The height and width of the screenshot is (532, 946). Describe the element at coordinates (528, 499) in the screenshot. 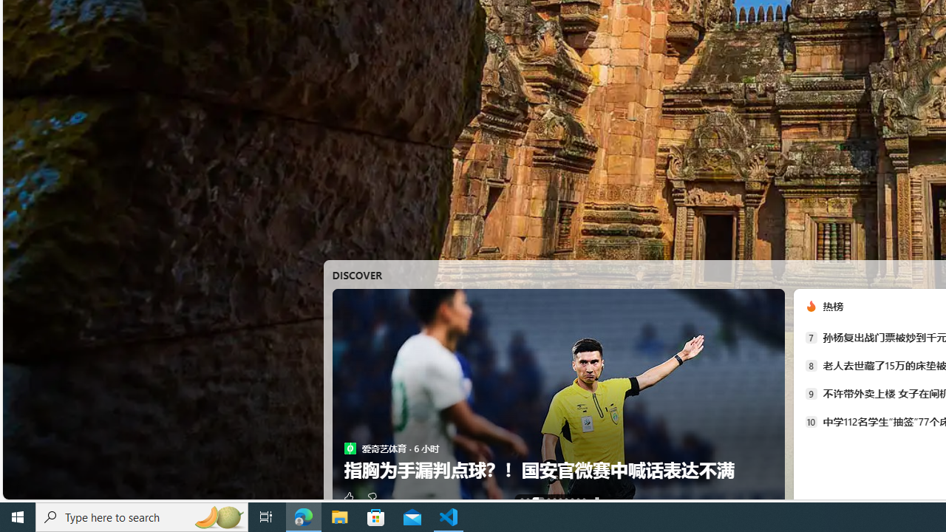

I see `'AutomationID: tab-1'` at that location.